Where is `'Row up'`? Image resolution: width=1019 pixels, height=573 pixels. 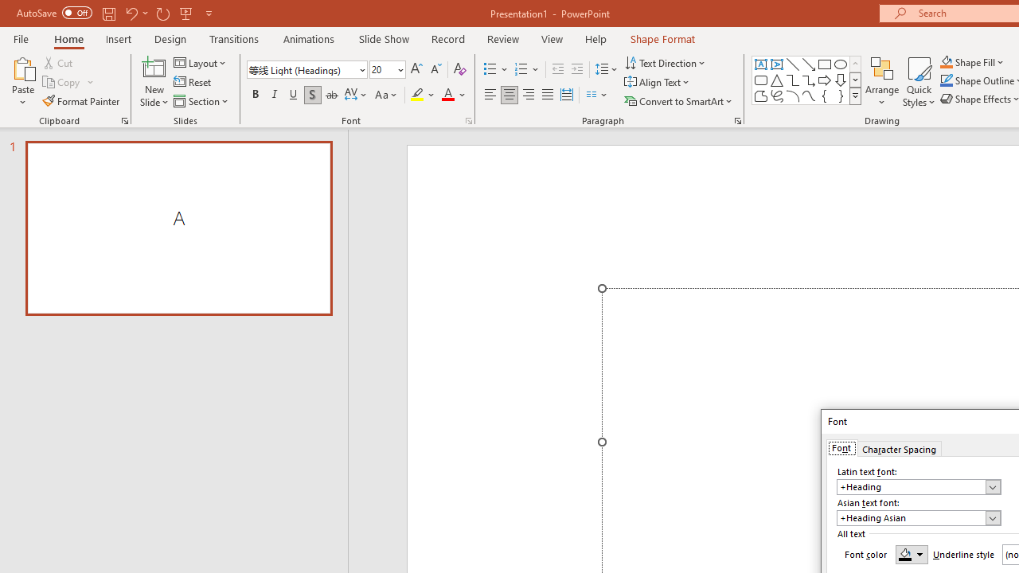
'Row up' is located at coordinates (854, 63).